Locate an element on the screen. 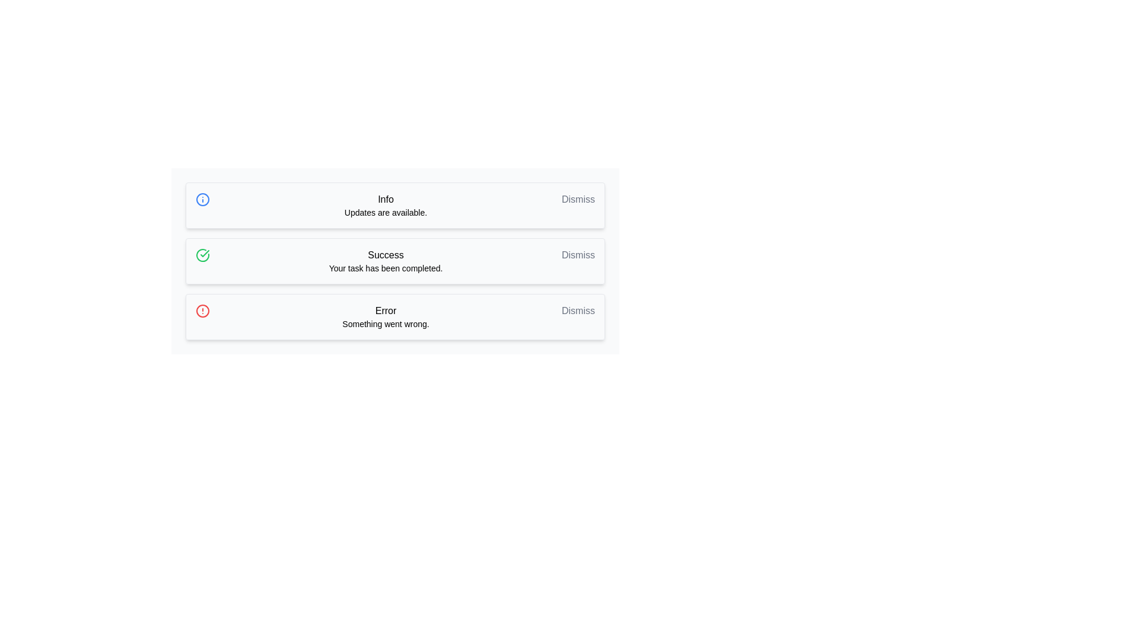  the blue-bordered circle icon with an 'i' character in the center, located at the top-left corner of the notification card, to get more information is located at coordinates (202, 199).